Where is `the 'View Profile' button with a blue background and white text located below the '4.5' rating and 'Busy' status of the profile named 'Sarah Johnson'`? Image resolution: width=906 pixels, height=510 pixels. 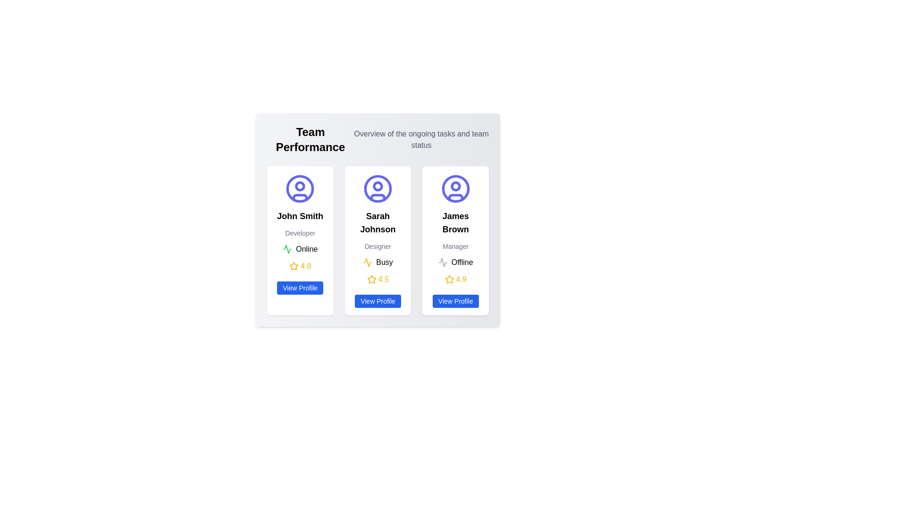 the 'View Profile' button with a blue background and white text located below the '4.5' rating and 'Busy' status of the profile named 'Sarah Johnson' is located at coordinates (378, 301).